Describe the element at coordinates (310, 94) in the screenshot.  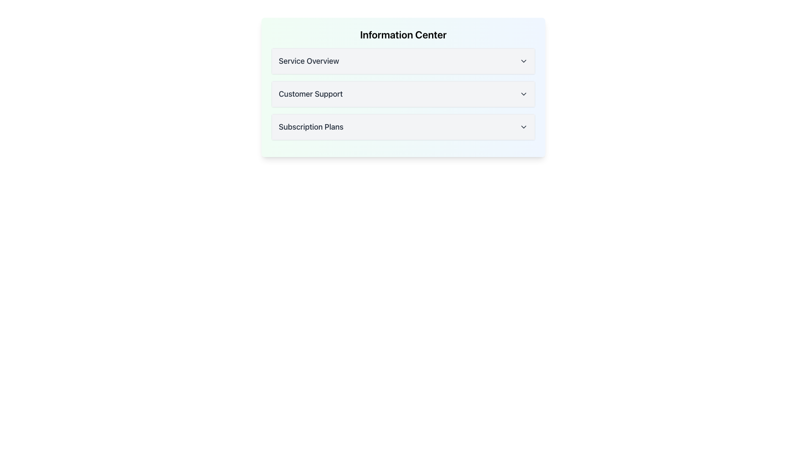
I see `text of the 'Customer Support' label, which is a prominent label styled in large and bold font, set against a light background` at that location.